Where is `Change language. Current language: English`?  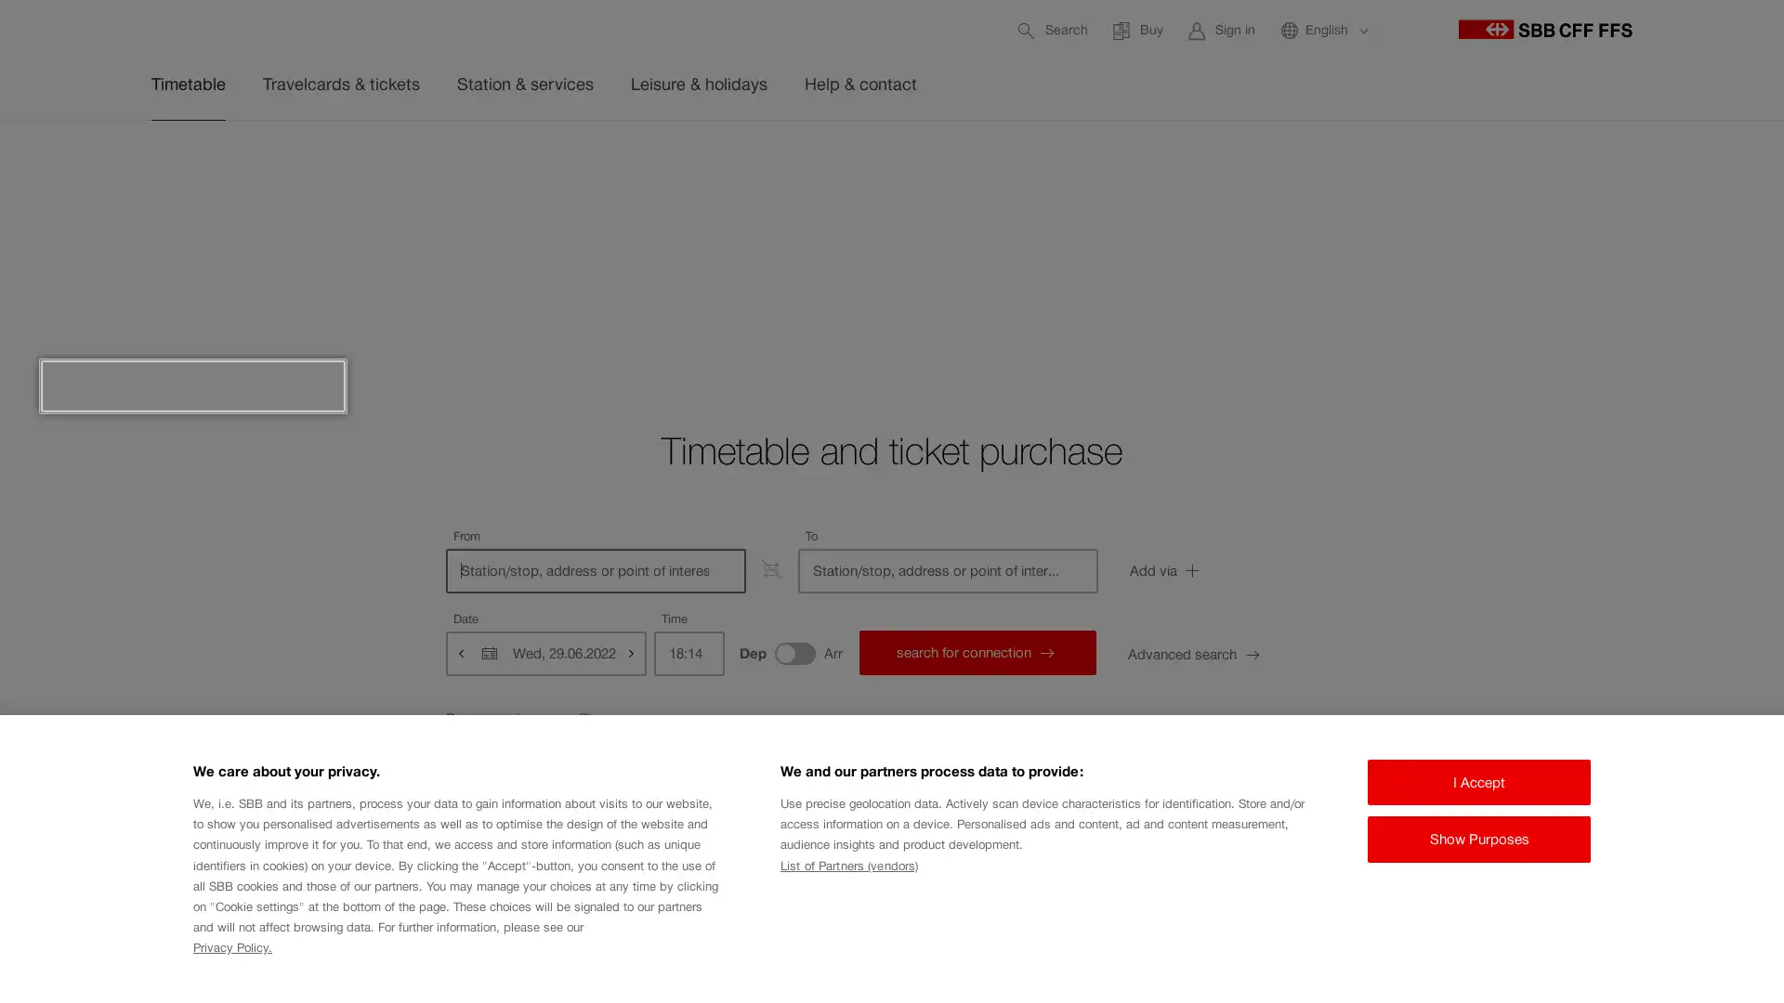 Change language. Current language: English is located at coordinates (1323, 30).